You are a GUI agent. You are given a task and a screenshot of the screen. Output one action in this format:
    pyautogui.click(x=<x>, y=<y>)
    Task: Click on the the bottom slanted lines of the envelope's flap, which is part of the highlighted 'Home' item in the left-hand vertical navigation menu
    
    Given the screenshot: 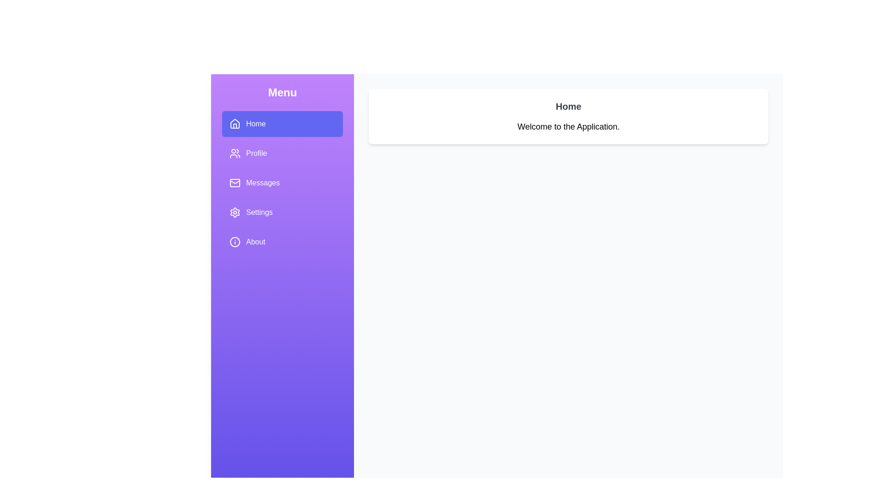 What is the action you would take?
    pyautogui.click(x=235, y=181)
    